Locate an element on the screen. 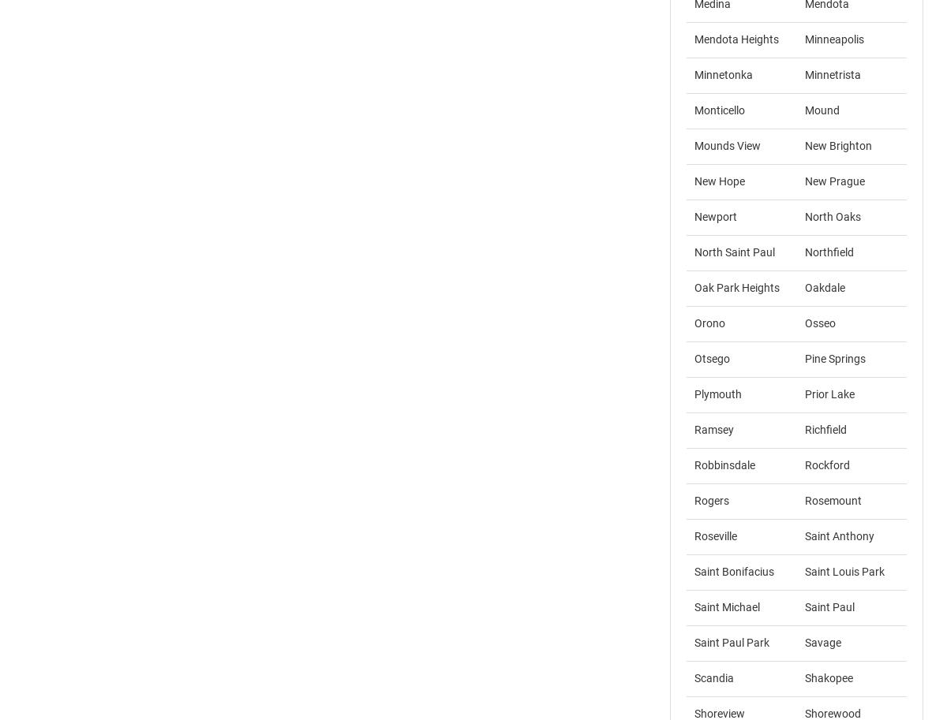  'Pine Springs' is located at coordinates (833, 359).